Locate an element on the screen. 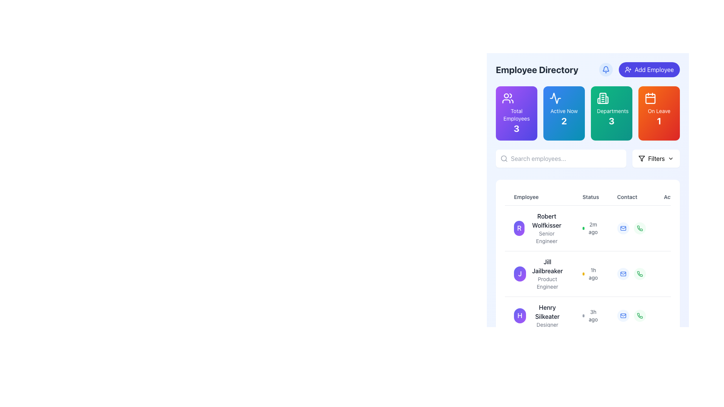 Image resolution: width=724 pixels, height=407 pixels. the text-based information display element that shows '3h ago' in small gray text, located in the third row of the employee directory under the 'Status' column, aligned with 'Henry Silkeater, Designer' is located at coordinates (590, 315).